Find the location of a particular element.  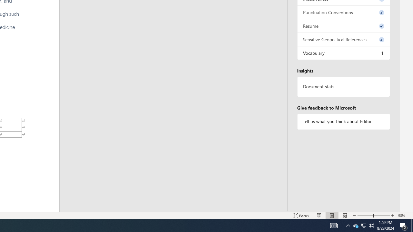

'Resume, 0 issues. Press space or enter to review items.' is located at coordinates (343, 25).